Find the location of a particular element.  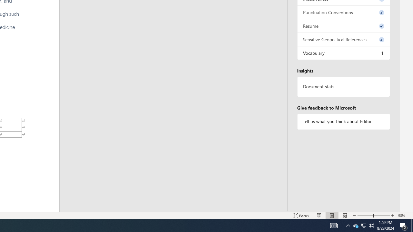

'Resume, 0 issues. Press space or enter to review items.' is located at coordinates (343, 25).